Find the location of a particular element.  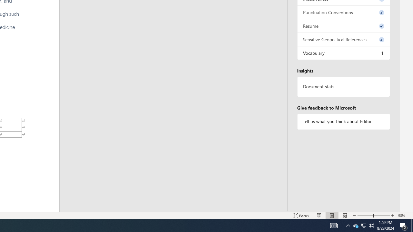

'Resume, 0 issues. Press space or enter to review items.' is located at coordinates (343, 25).